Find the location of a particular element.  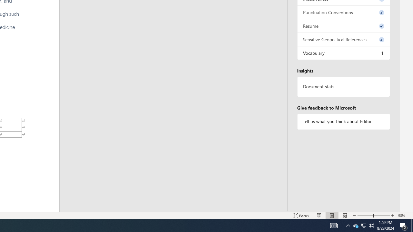

'Resume, 0 issues. Press space or enter to review items.' is located at coordinates (343, 25).